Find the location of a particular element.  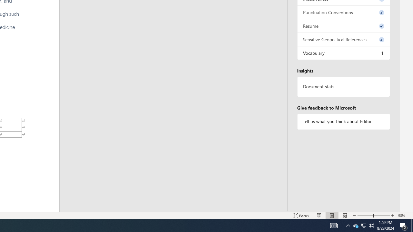

'Resume, 0 issues. Press space or enter to review items.' is located at coordinates (343, 25).